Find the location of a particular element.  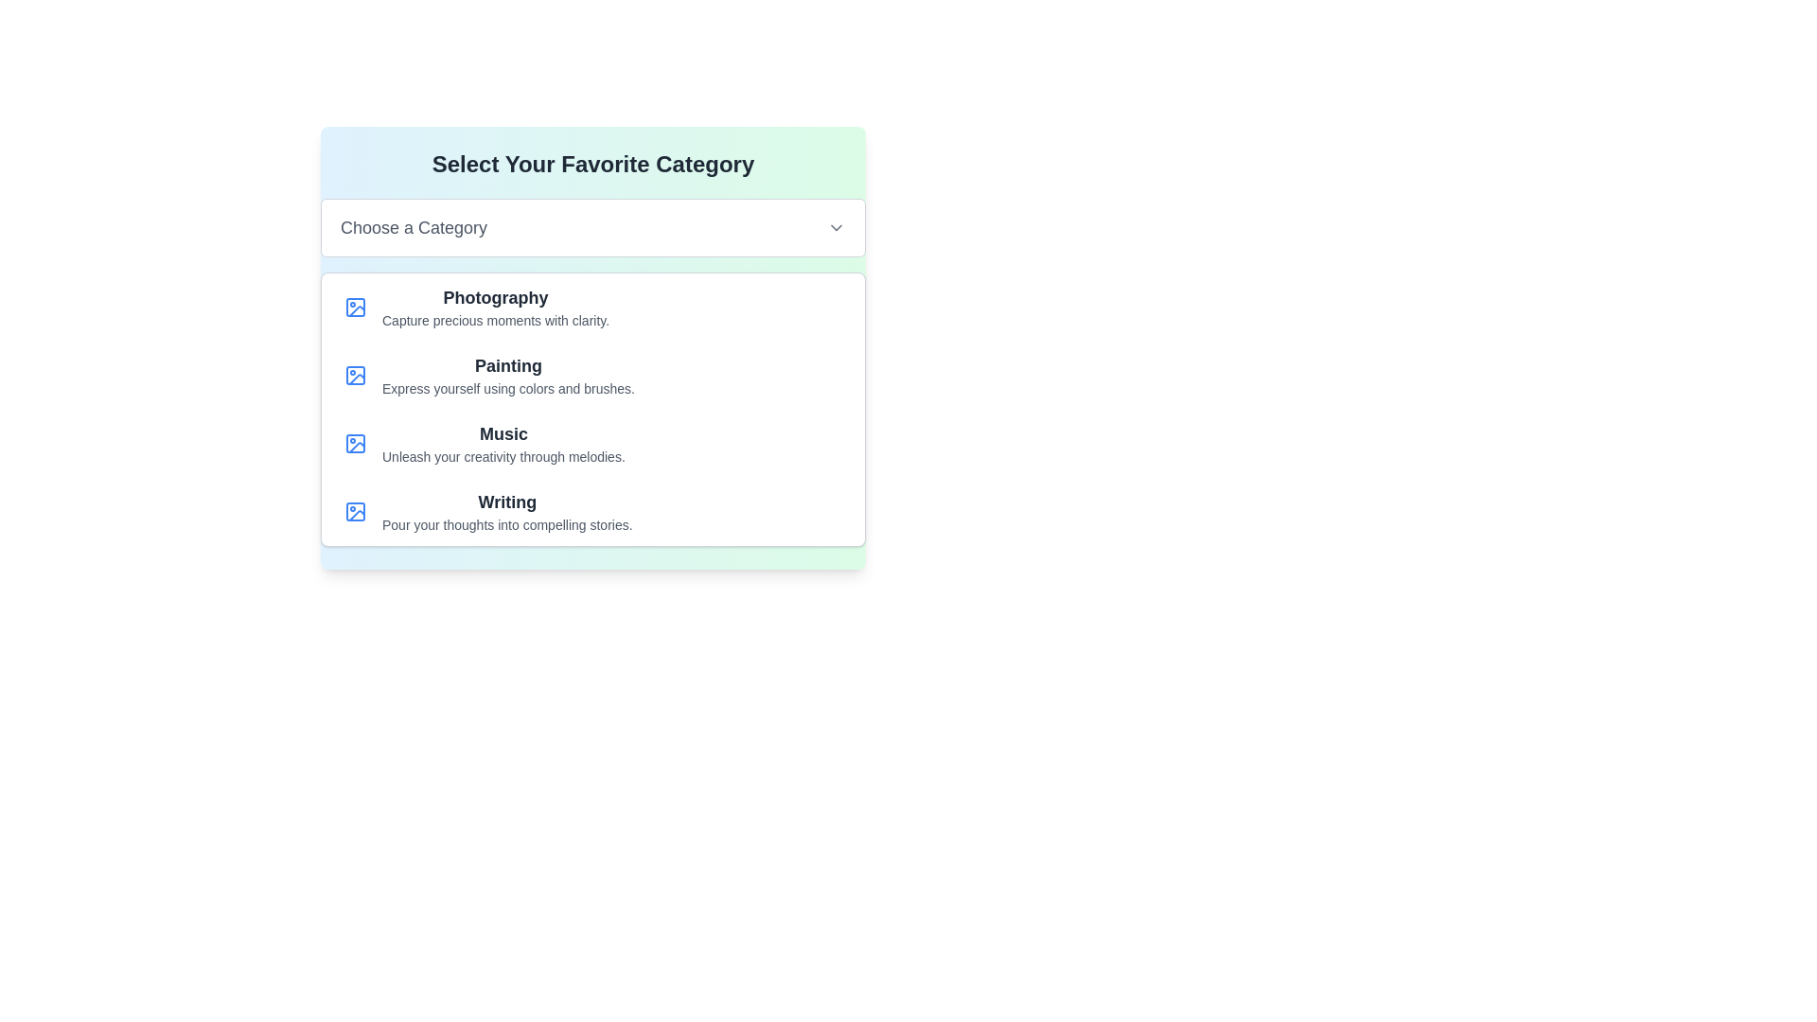

the second list item in the vertical category list is located at coordinates (592, 376).